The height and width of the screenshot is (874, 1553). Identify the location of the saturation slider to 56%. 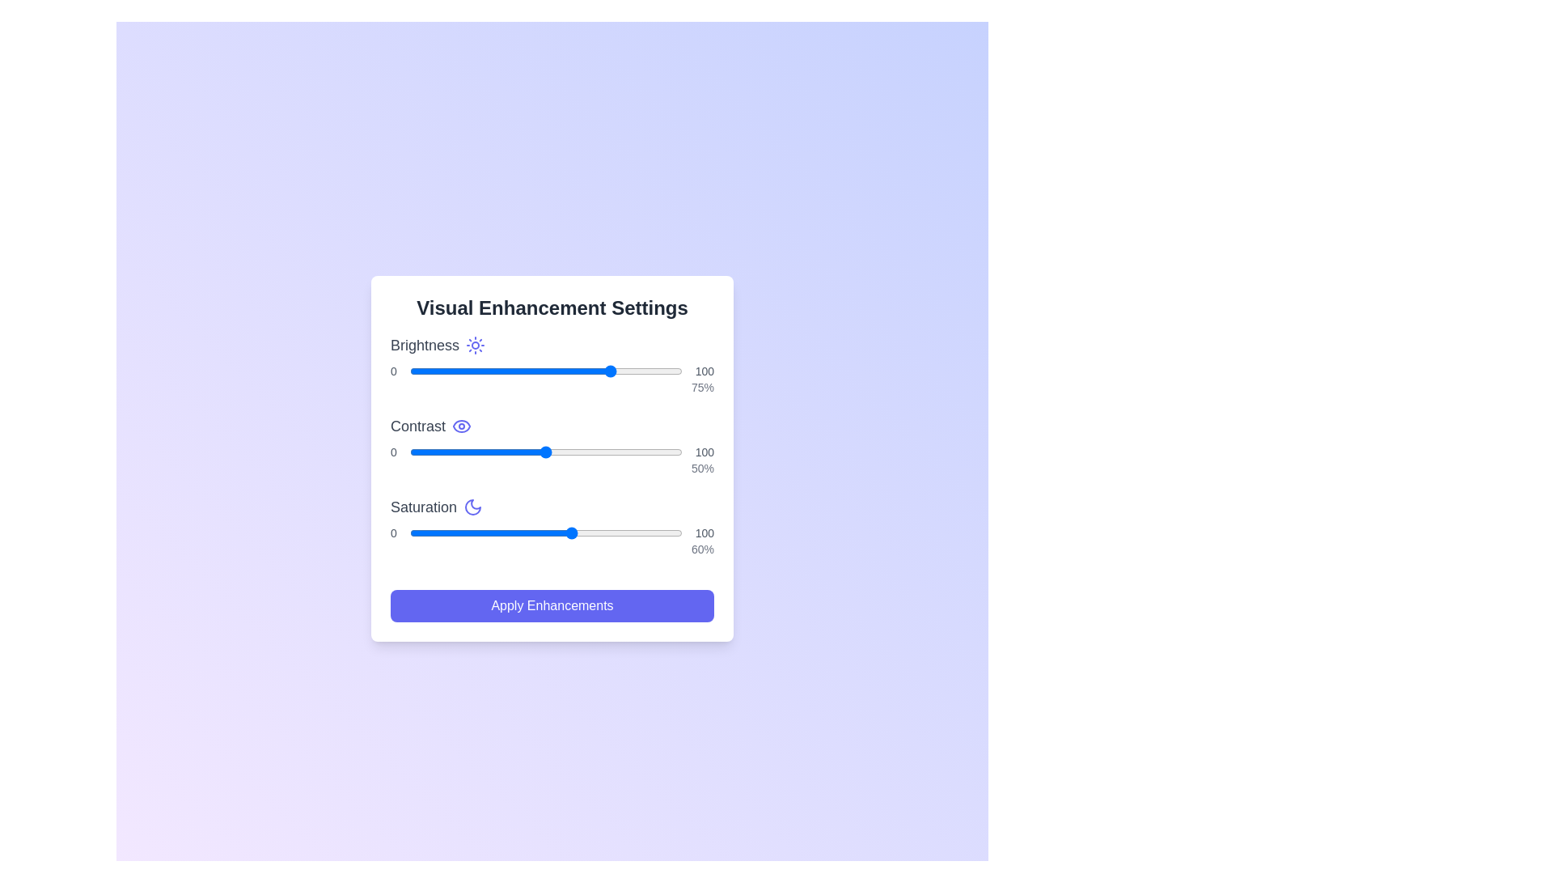
(562, 533).